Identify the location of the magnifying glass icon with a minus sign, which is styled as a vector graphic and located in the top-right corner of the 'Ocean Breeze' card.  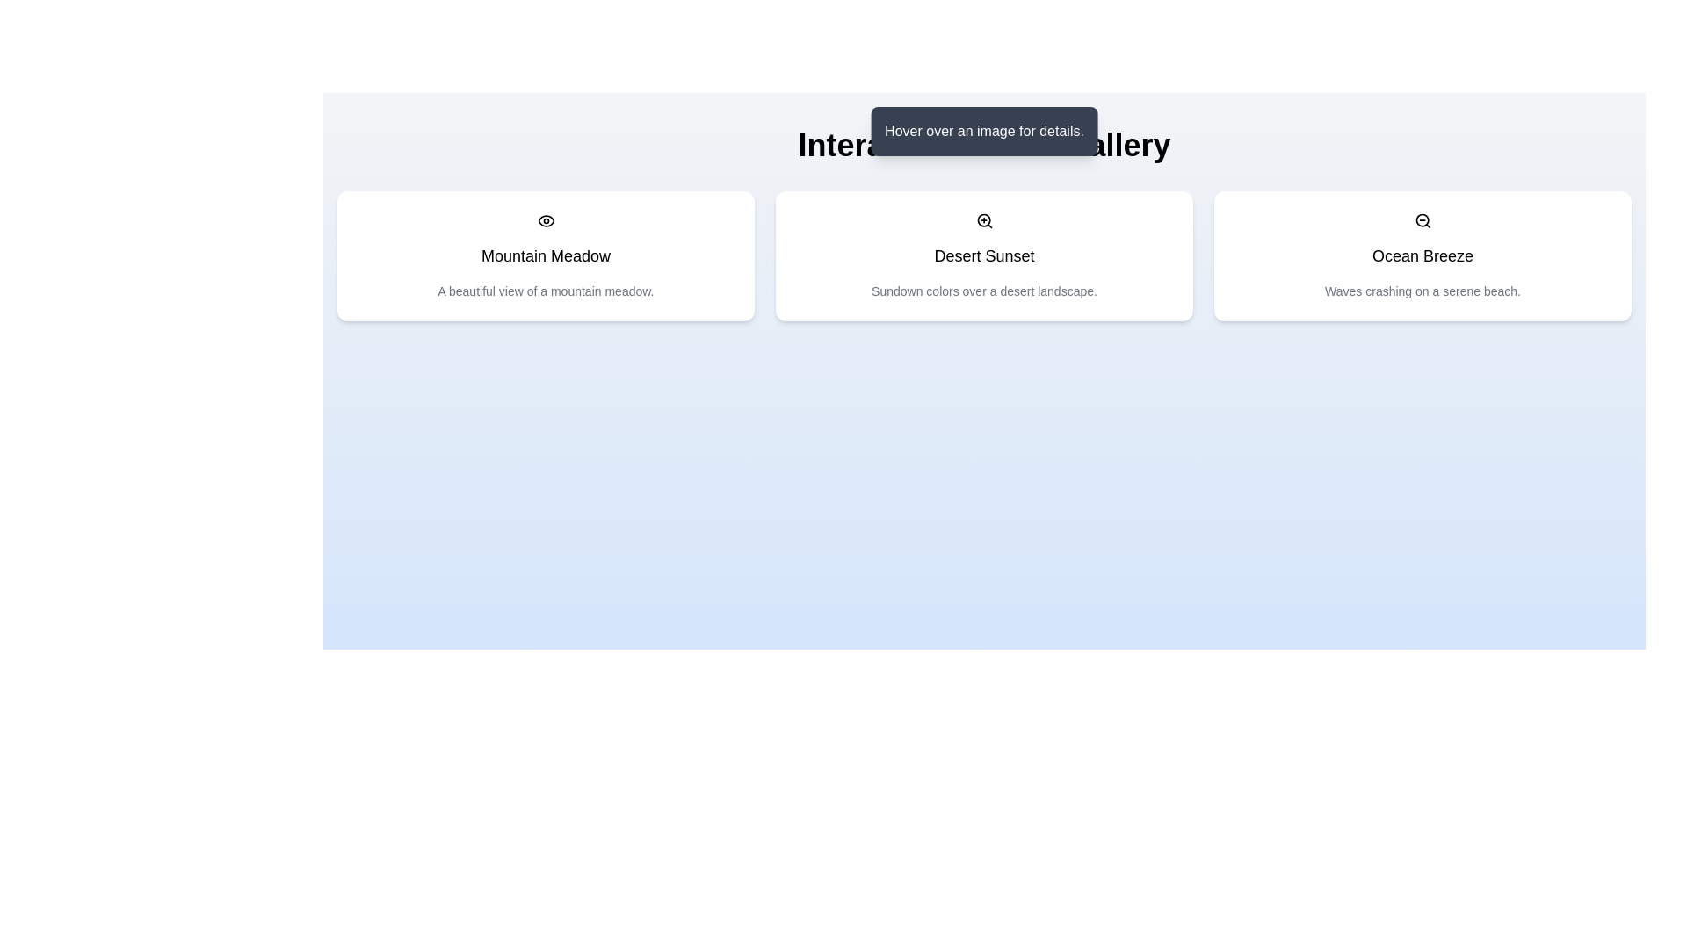
(1423, 219).